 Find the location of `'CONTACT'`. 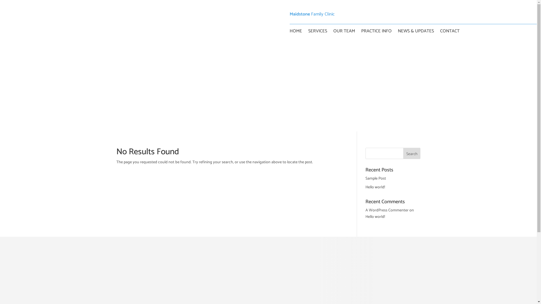

'CONTACT' is located at coordinates (449, 32).